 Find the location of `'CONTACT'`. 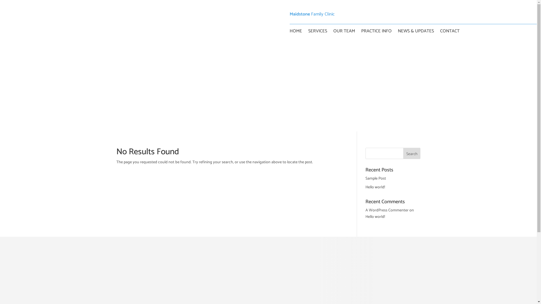

'CONTACT' is located at coordinates (449, 32).